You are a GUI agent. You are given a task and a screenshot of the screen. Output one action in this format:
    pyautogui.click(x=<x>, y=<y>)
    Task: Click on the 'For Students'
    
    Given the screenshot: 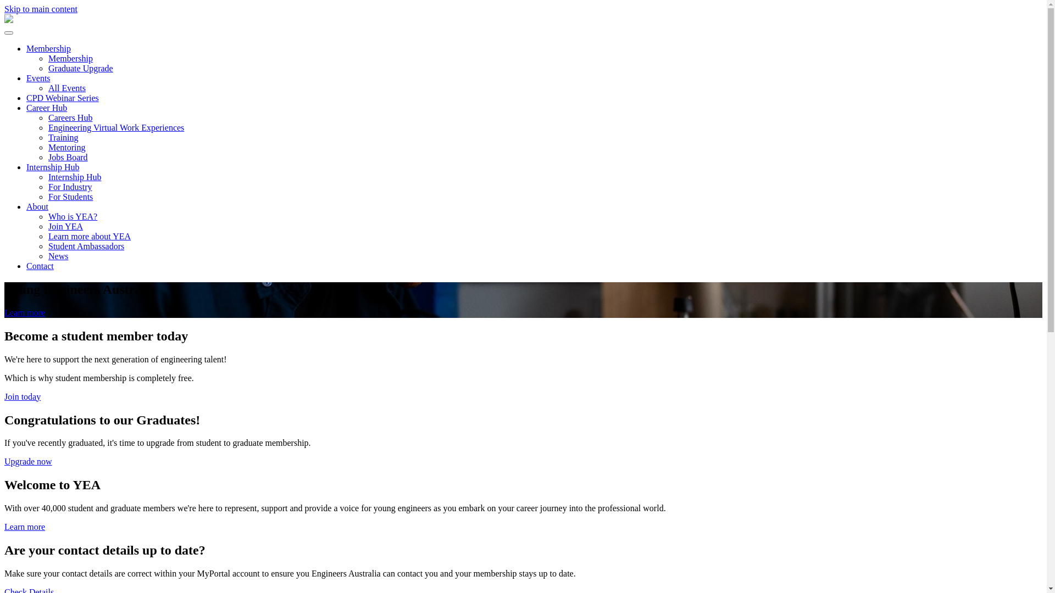 What is the action you would take?
    pyautogui.click(x=70, y=196)
    